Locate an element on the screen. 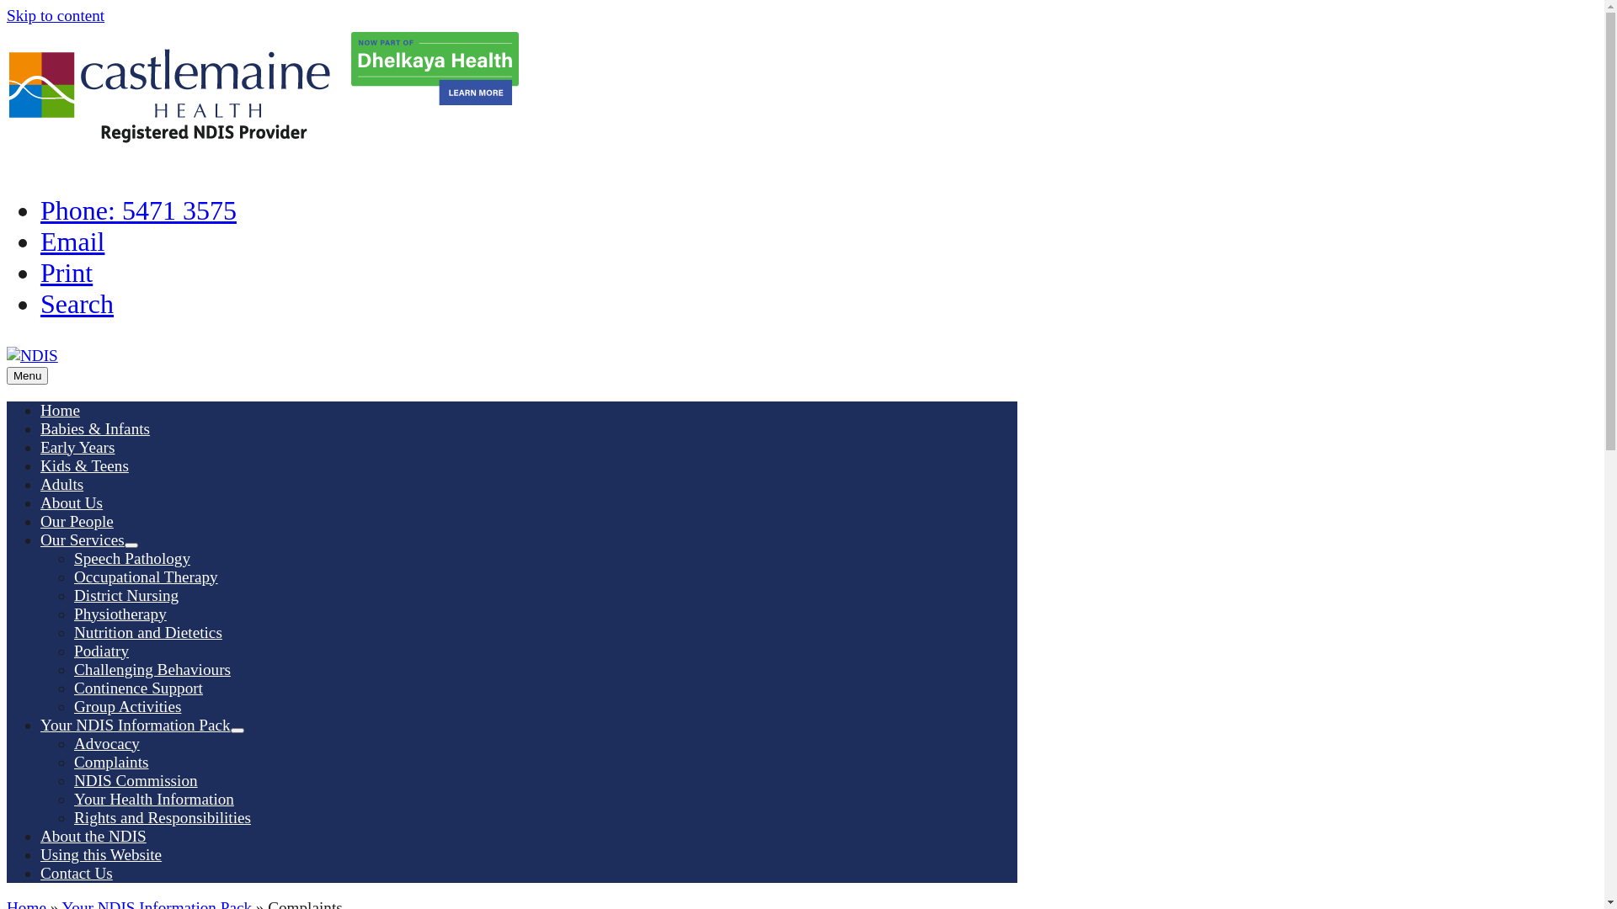 The height and width of the screenshot is (909, 1617). 'Challenging Behaviours' is located at coordinates (152, 668).